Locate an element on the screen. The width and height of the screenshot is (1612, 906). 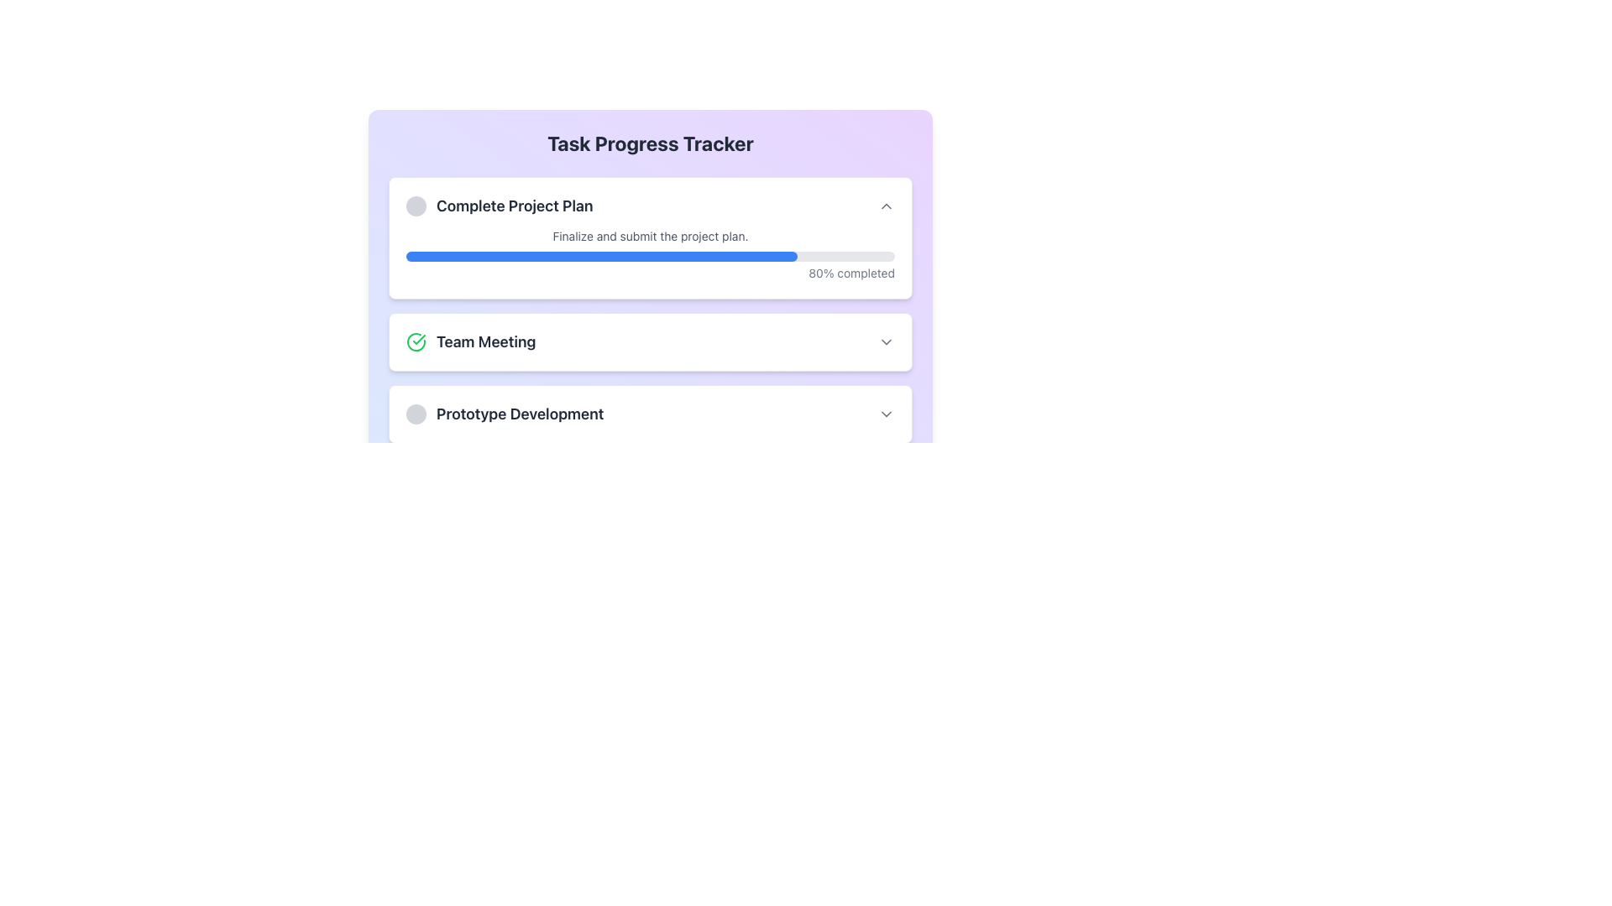
the white background card labeled 'Complete Project Plan' that contains an 80% progress bar and is the first element in a vertical list of three cards is located at coordinates (649, 238).